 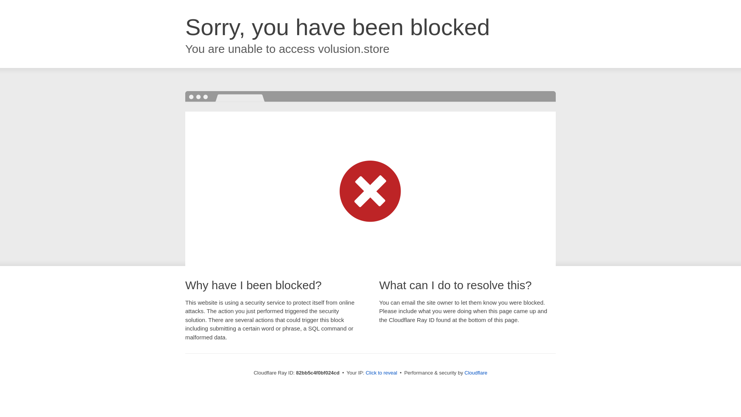 What do you see at coordinates (381, 372) in the screenshot?
I see `'Click to reveal'` at bounding box center [381, 372].